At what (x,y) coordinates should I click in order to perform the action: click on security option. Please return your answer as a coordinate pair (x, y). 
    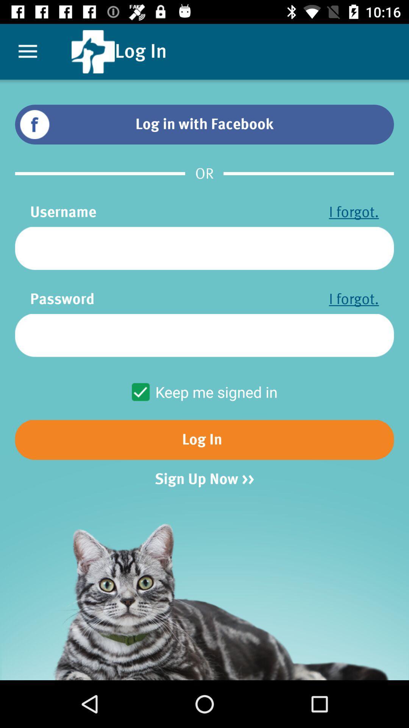
    Looking at the image, I should click on (204, 335).